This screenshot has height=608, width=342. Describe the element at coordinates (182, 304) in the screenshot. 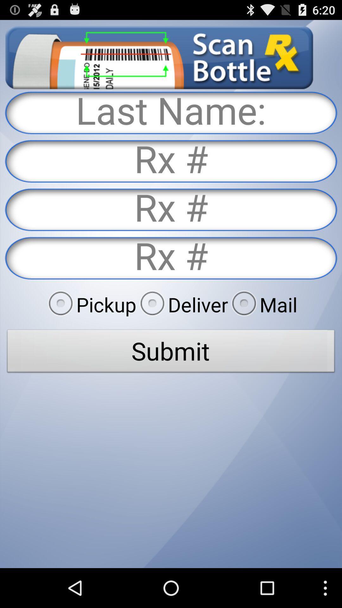

I see `radio button next to the pickup item` at that location.